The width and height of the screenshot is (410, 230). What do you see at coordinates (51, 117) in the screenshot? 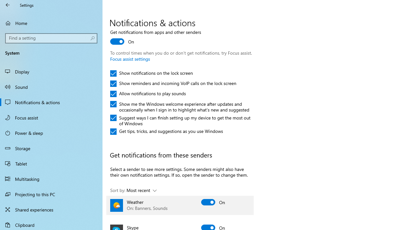
I see `'Focus assist'` at bounding box center [51, 117].